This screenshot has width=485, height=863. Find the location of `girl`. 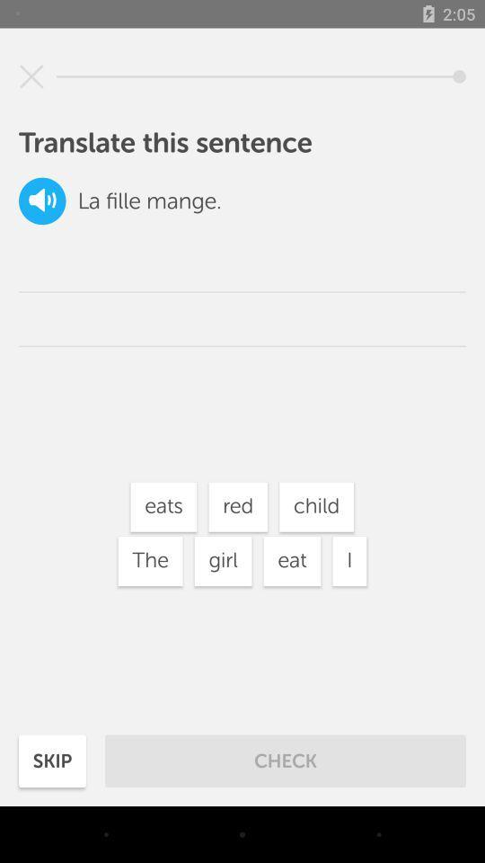

girl is located at coordinates (223, 560).